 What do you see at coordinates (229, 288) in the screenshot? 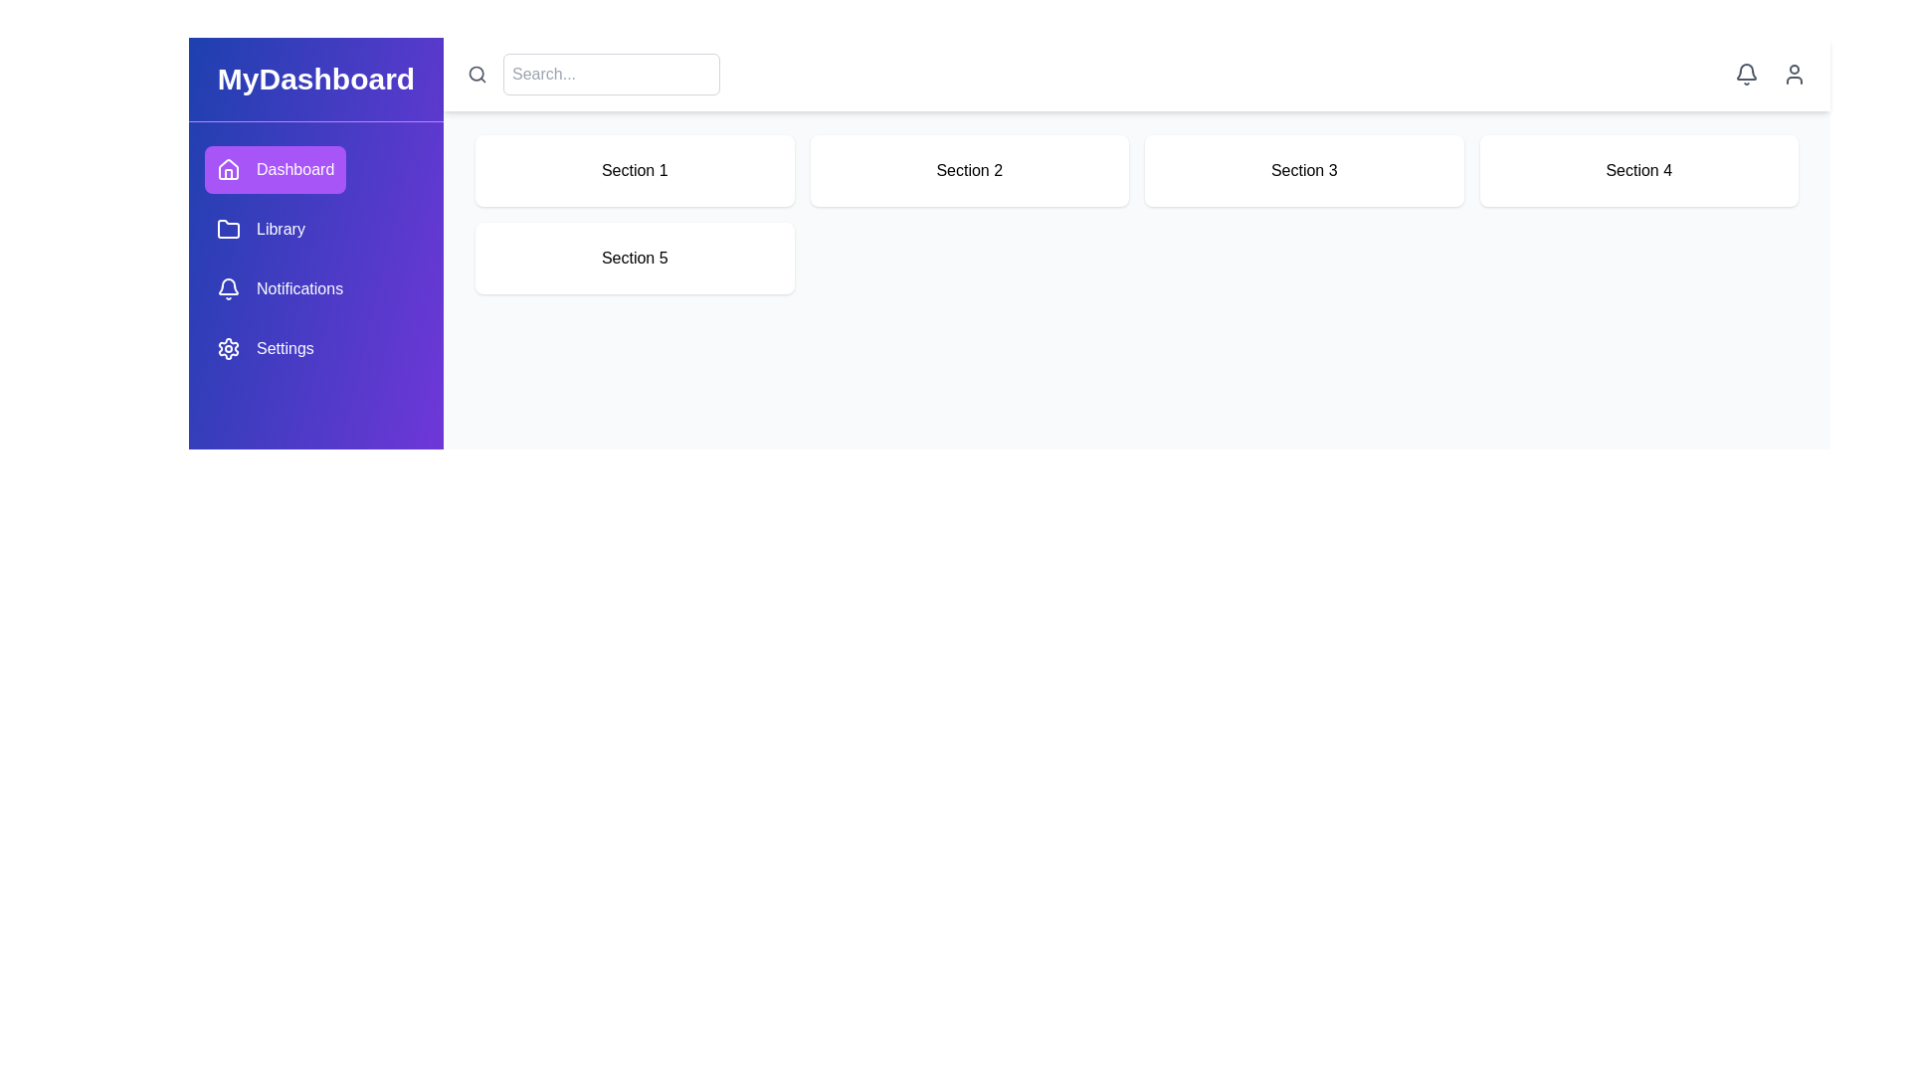
I see `the notification icon located to the left of the 'Notifications' text in the vertical sidebar menu` at bounding box center [229, 288].